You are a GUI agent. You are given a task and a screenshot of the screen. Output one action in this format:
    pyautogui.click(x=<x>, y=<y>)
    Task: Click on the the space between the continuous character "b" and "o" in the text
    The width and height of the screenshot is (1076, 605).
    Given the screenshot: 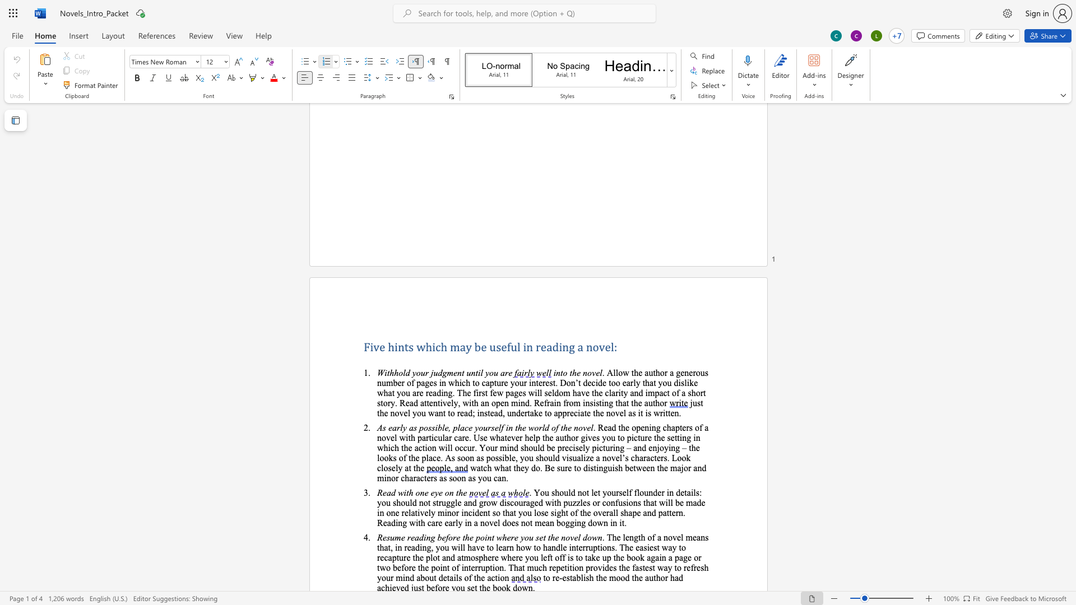 What is the action you would take?
    pyautogui.click(x=631, y=557)
    